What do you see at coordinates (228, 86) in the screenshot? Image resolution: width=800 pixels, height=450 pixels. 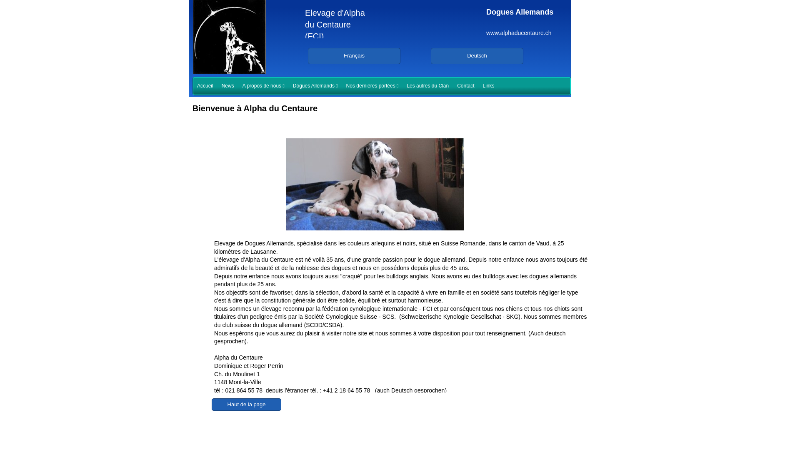 I see `'News'` at bounding box center [228, 86].